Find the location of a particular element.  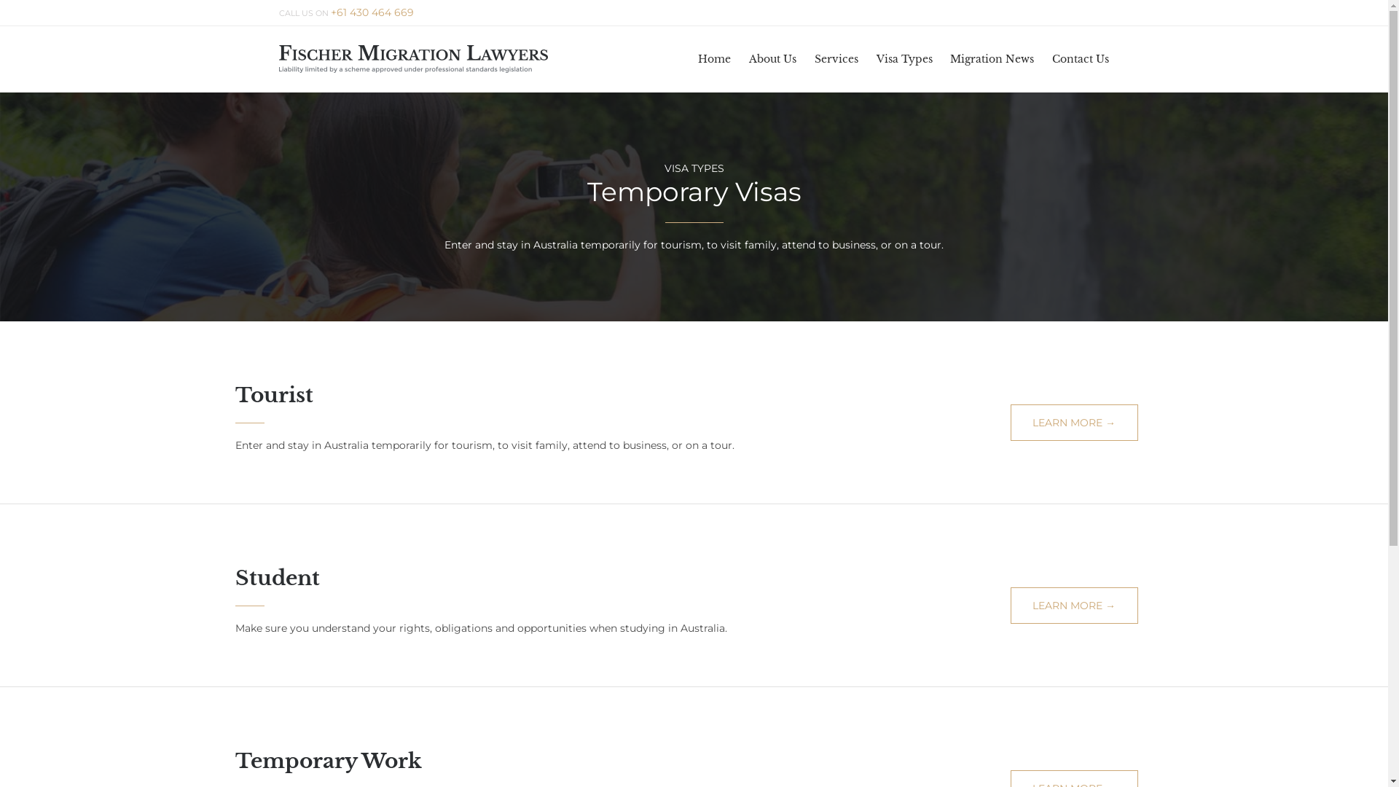

'About Us' is located at coordinates (772, 58).